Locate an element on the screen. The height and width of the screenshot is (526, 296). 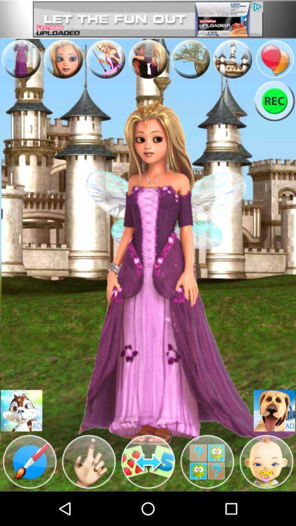
paint bar is located at coordinates (30, 461).